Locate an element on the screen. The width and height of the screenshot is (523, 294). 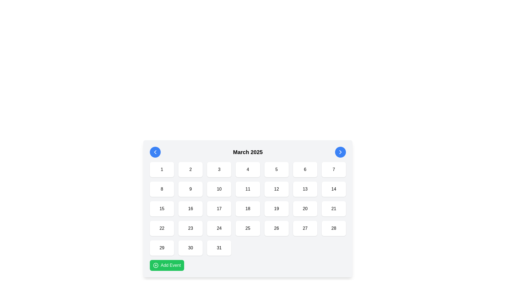
the static calendar day component representing the date '3' in the calendar grid under 'March 2025' is located at coordinates (219, 169).